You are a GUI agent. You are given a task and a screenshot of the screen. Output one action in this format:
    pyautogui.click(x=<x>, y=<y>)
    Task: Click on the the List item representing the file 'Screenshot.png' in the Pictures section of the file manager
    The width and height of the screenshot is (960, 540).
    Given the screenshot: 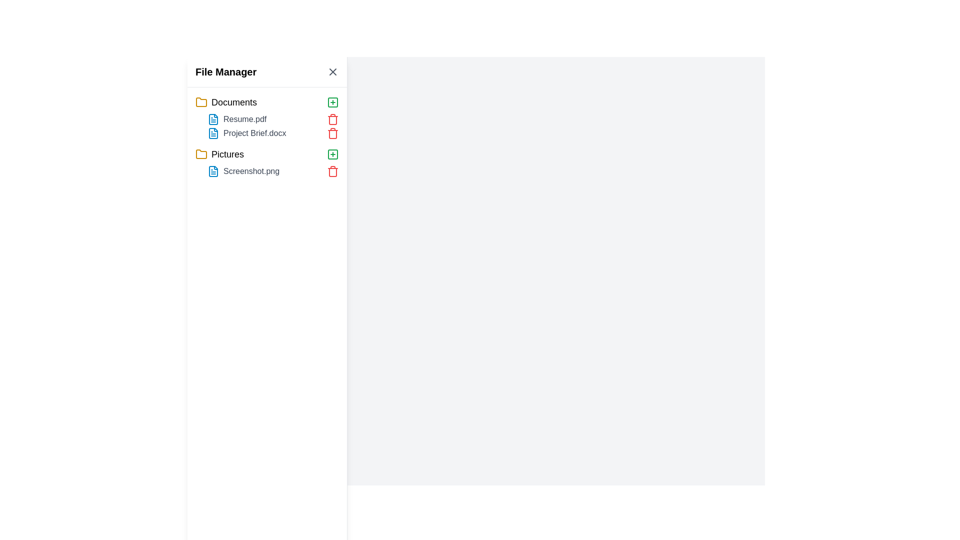 What is the action you would take?
    pyautogui.click(x=267, y=171)
    